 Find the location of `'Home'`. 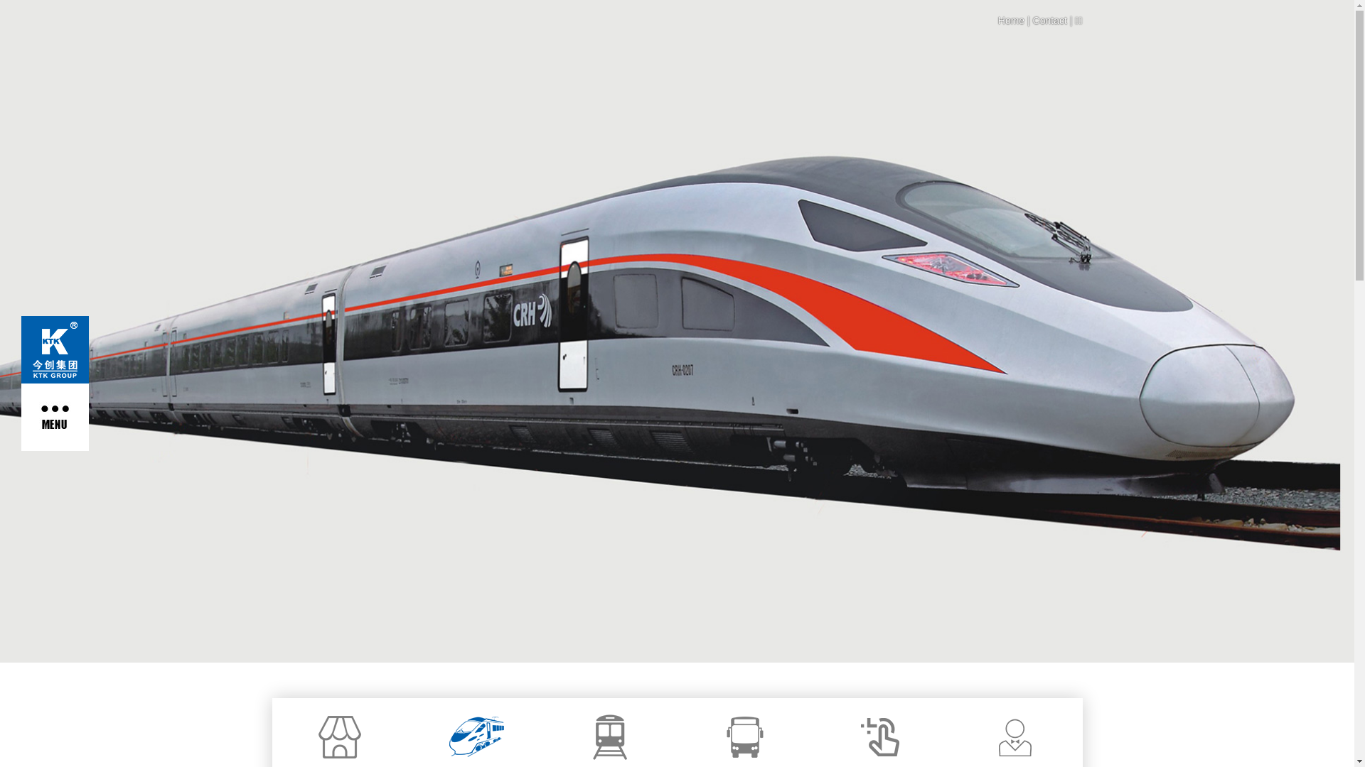

'Home' is located at coordinates (1010, 21).